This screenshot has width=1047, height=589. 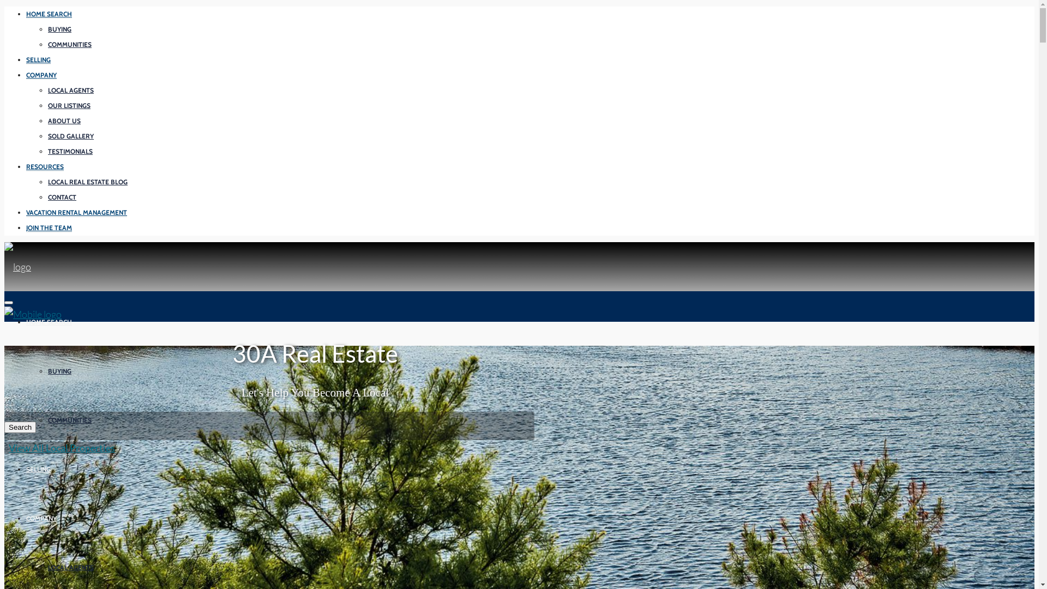 What do you see at coordinates (26, 60) in the screenshot?
I see `'SELLING'` at bounding box center [26, 60].